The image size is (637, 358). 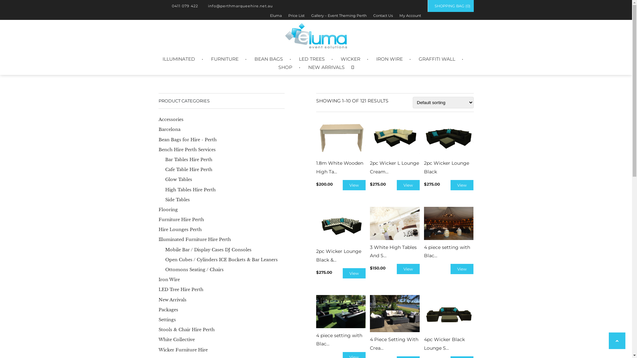 I want to click on 'Wicker Furniture Hire', so click(x=183, y=349).